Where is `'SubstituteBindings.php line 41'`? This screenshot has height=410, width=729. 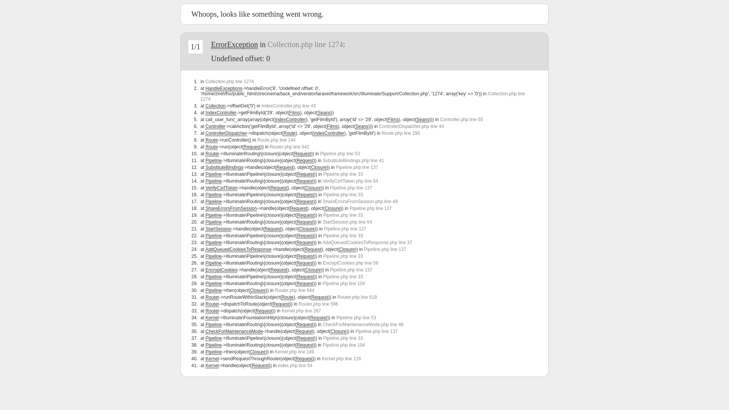 'SubstituteBindings.php line 41' is located at coordinates (353, 160).